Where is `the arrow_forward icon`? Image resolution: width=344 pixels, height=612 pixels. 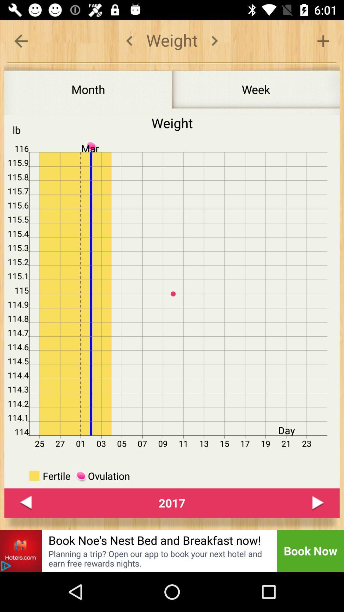
the arrow_forward icon is located at coordinates (214, 40).